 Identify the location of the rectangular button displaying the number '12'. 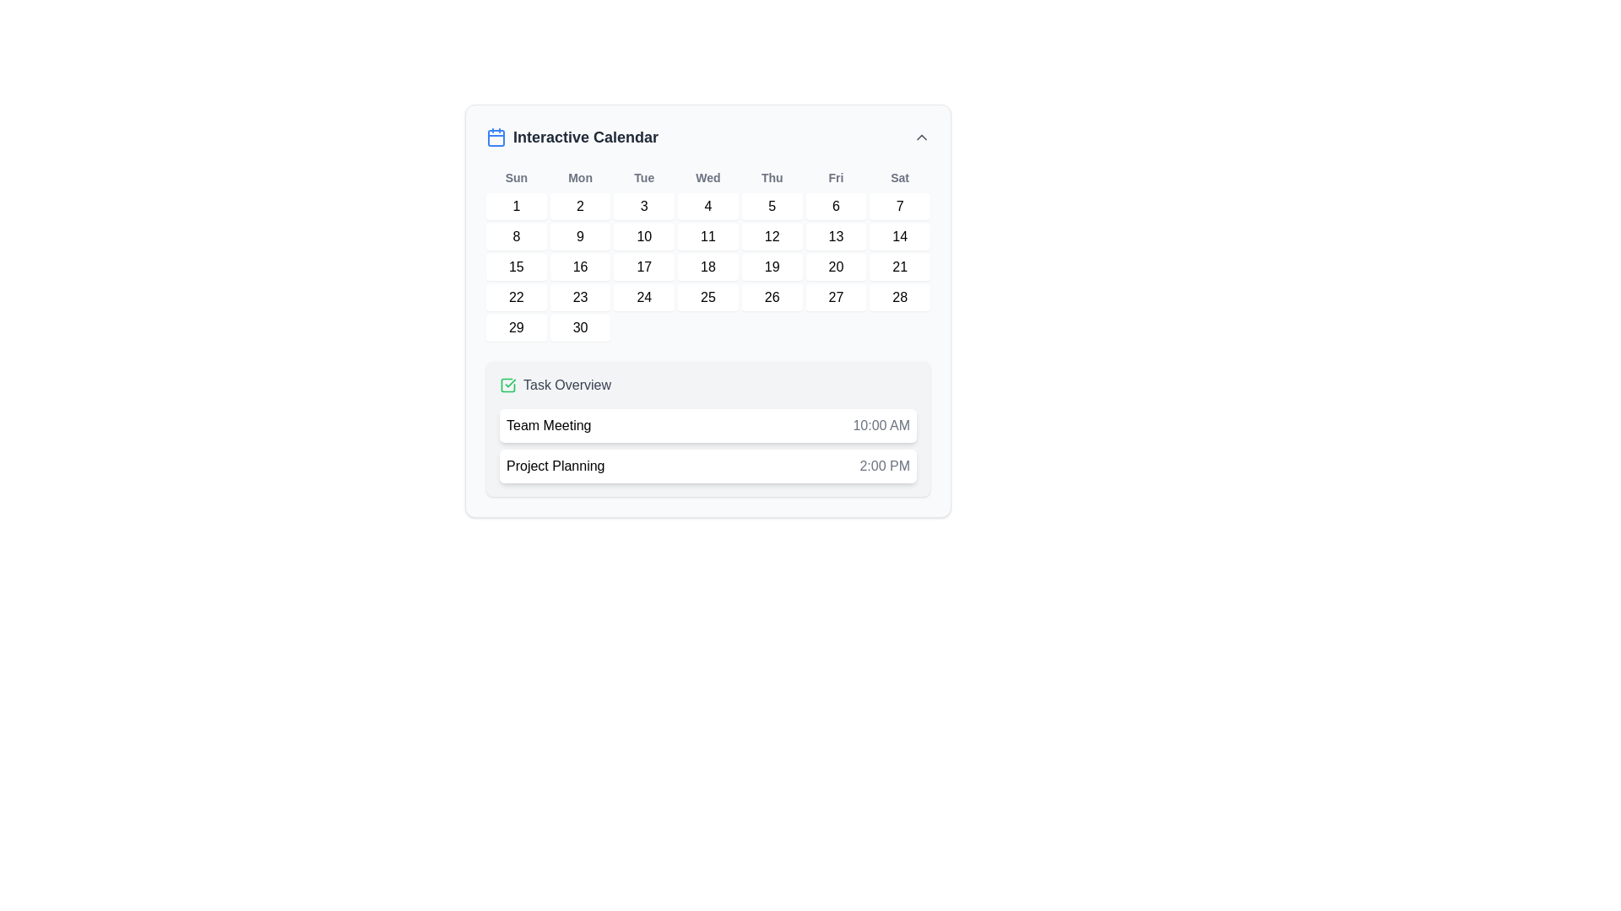
(771, 237).